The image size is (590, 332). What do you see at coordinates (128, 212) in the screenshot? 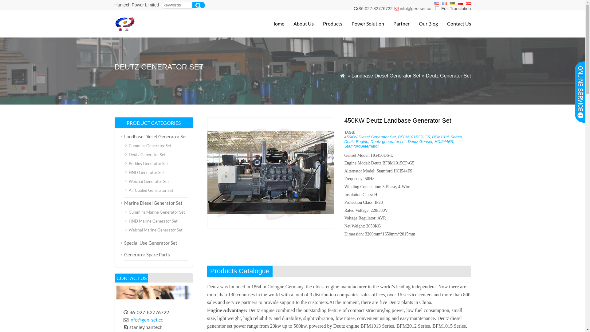
I see `'Cummins Marine Generator Set'` at bounding box center [128, 212].